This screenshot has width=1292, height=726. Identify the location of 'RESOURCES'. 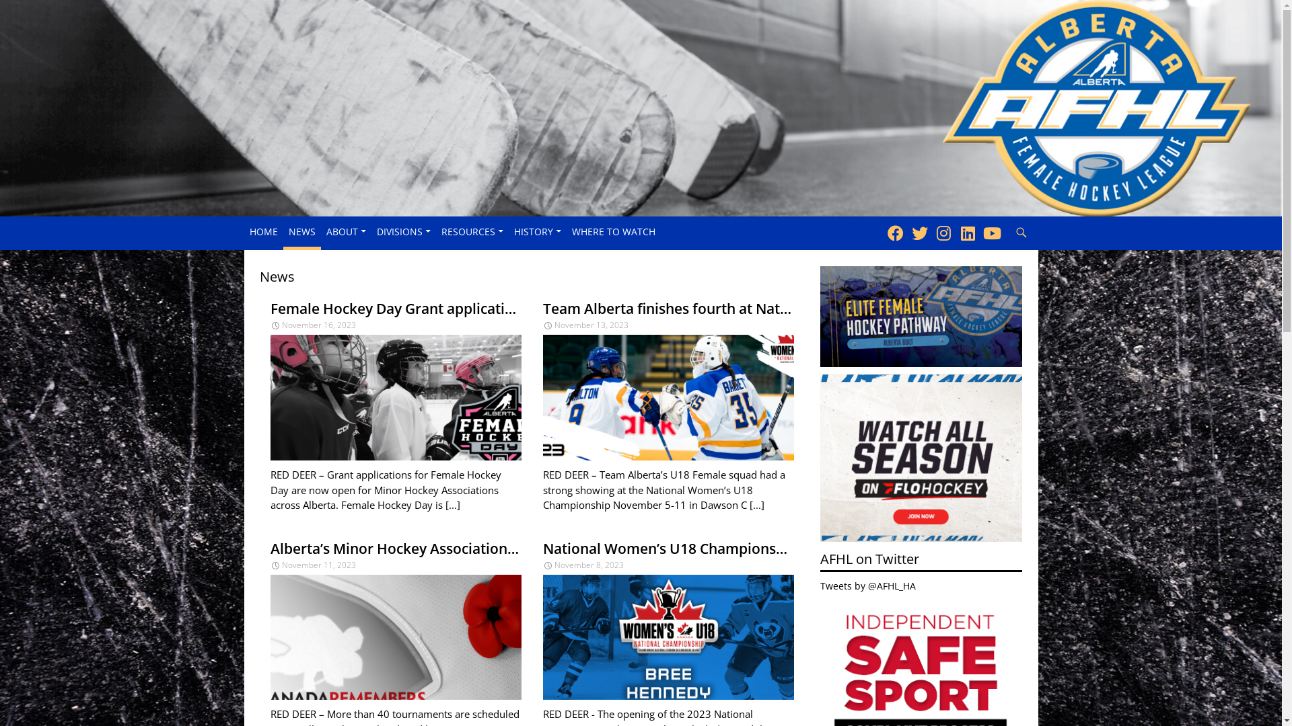
(472, 231).